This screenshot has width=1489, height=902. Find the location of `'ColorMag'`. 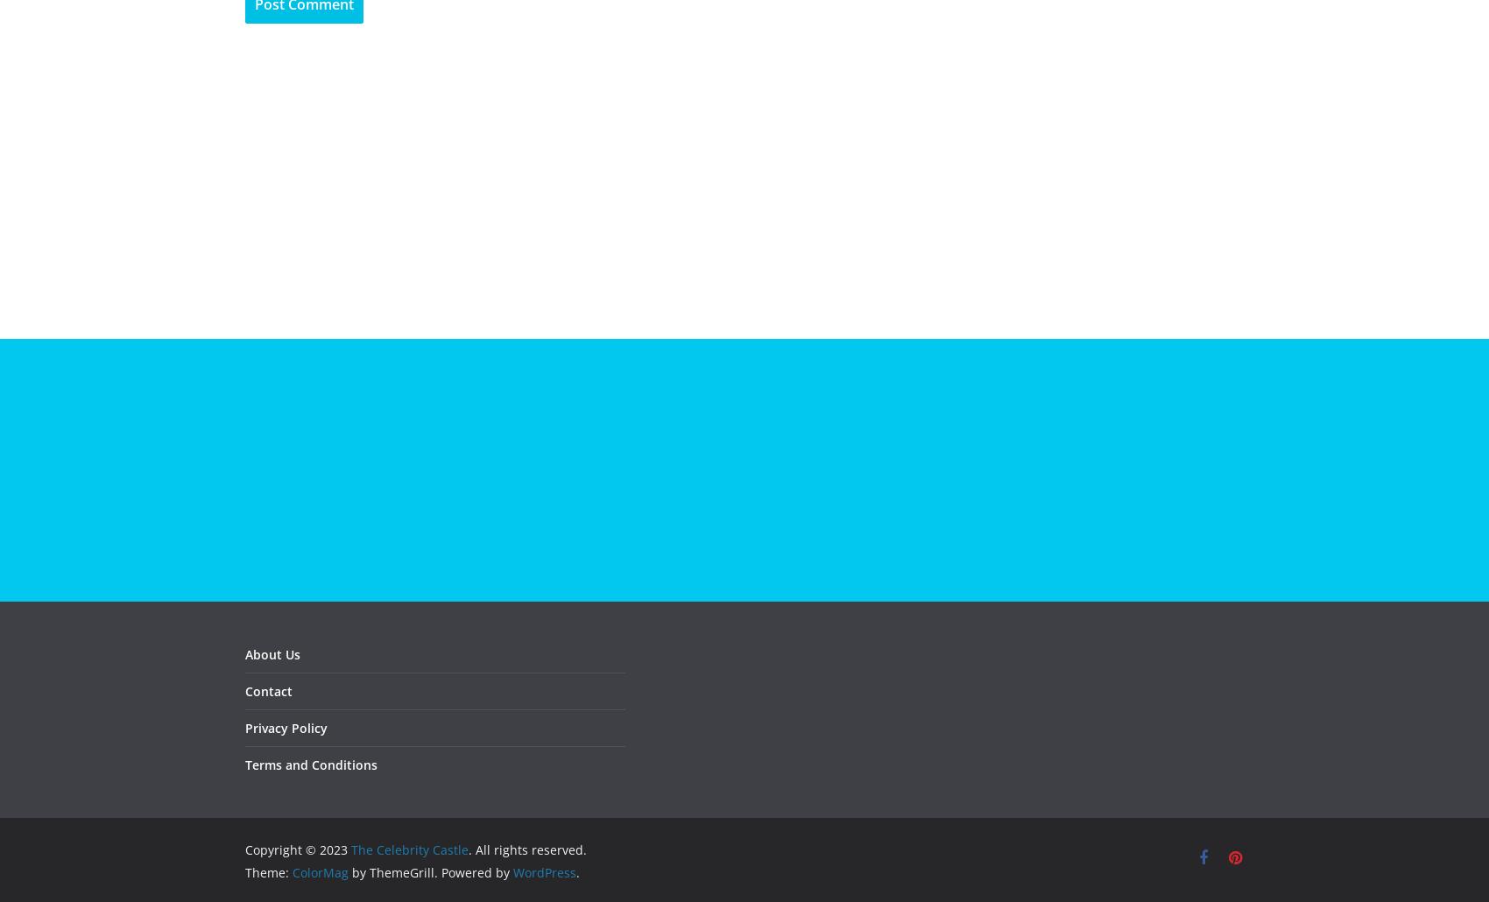

'ColorMag' is located at coordinates (292, 870).